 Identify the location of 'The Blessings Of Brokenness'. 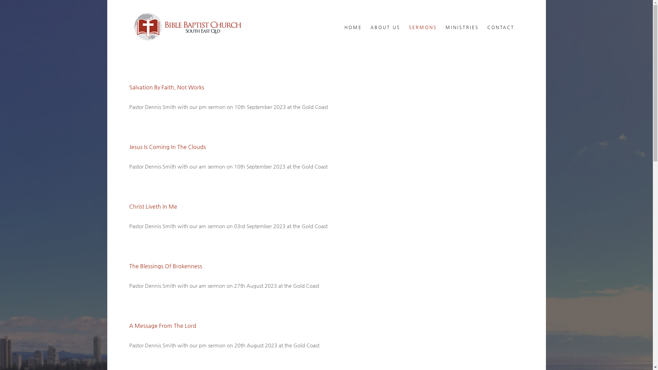
(165, 266).